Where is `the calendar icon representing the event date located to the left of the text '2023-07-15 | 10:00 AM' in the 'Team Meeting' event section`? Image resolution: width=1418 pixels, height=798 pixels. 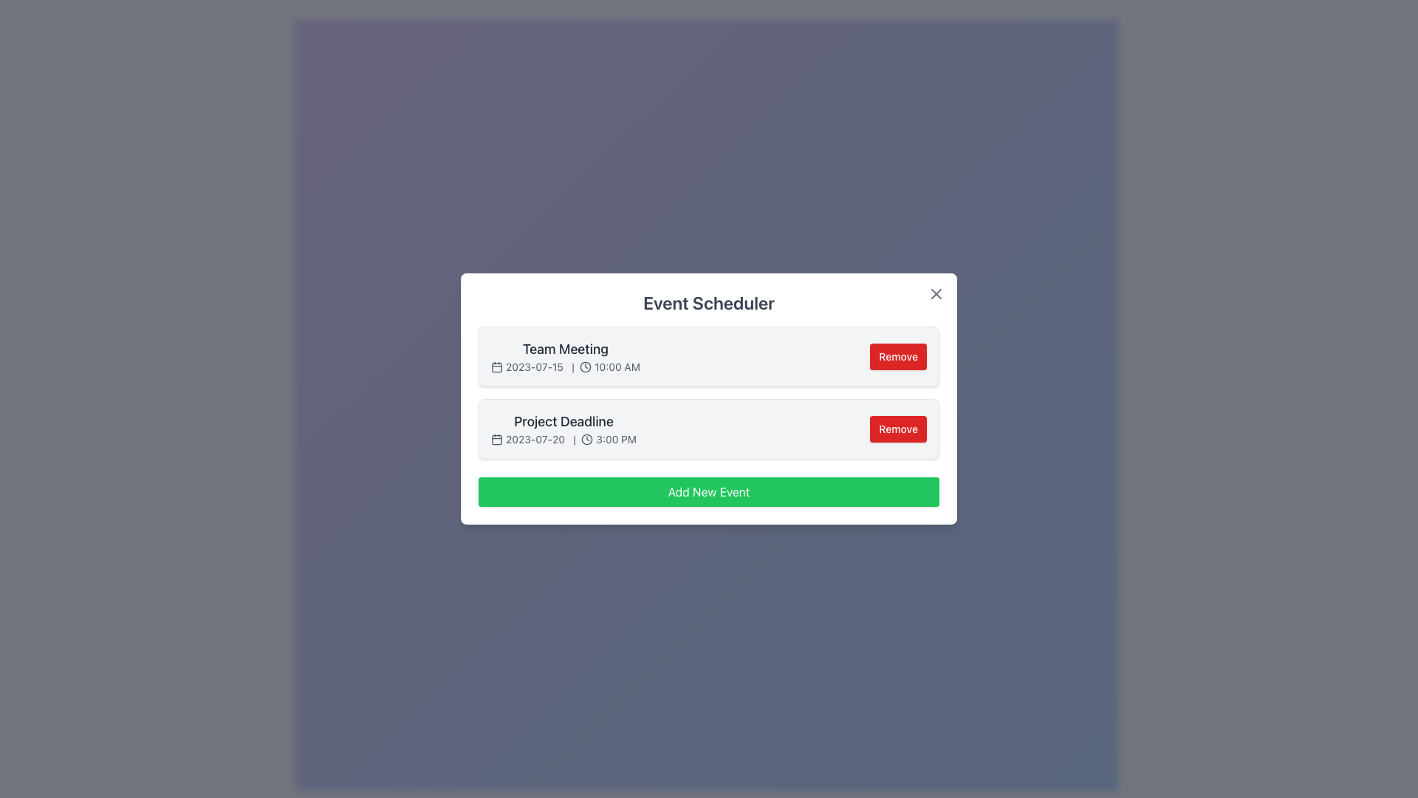
the calendar icon representing the event date located to the left of the text '2023-07-15 | 10:00 AM' in the 'Team Meeting' event section is located at coordinates (496, 366).